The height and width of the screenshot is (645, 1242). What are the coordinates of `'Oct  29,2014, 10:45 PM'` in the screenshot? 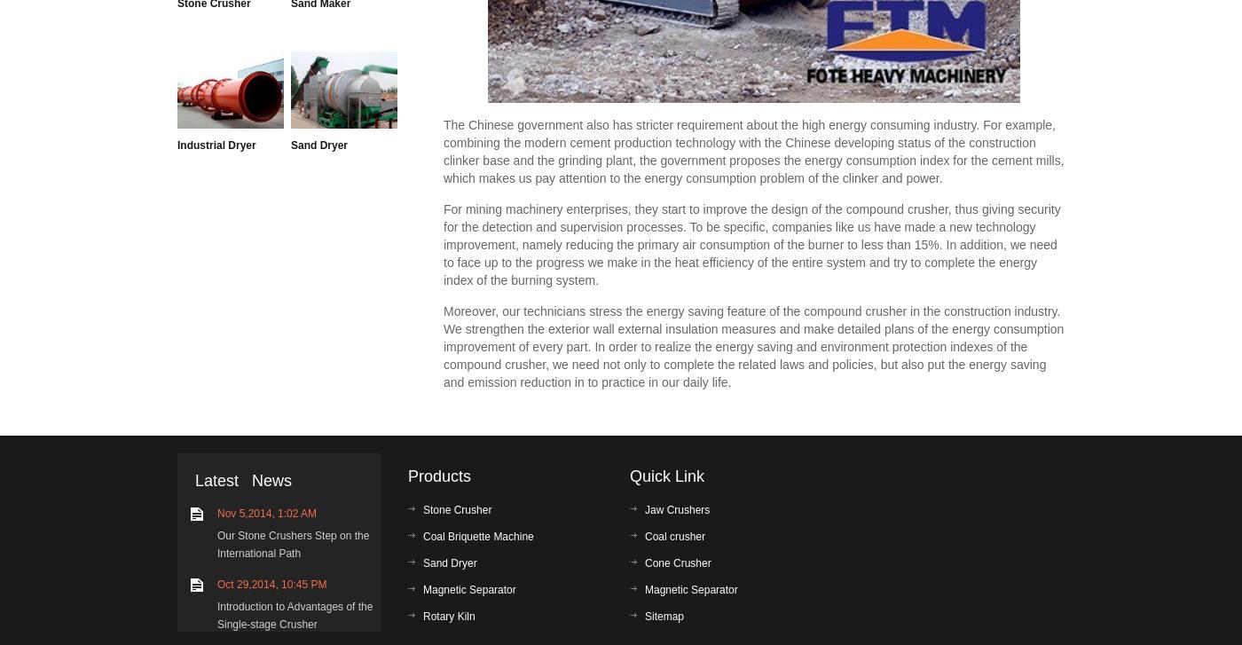 It's located at (216, 584).